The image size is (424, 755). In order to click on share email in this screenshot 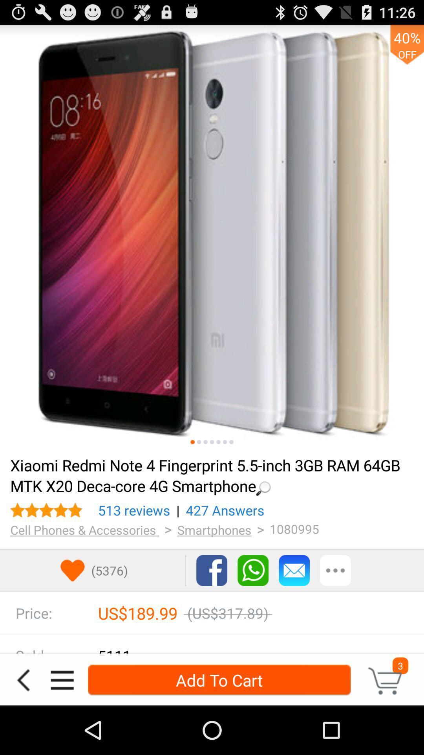, I will do `click(294, 570)`.